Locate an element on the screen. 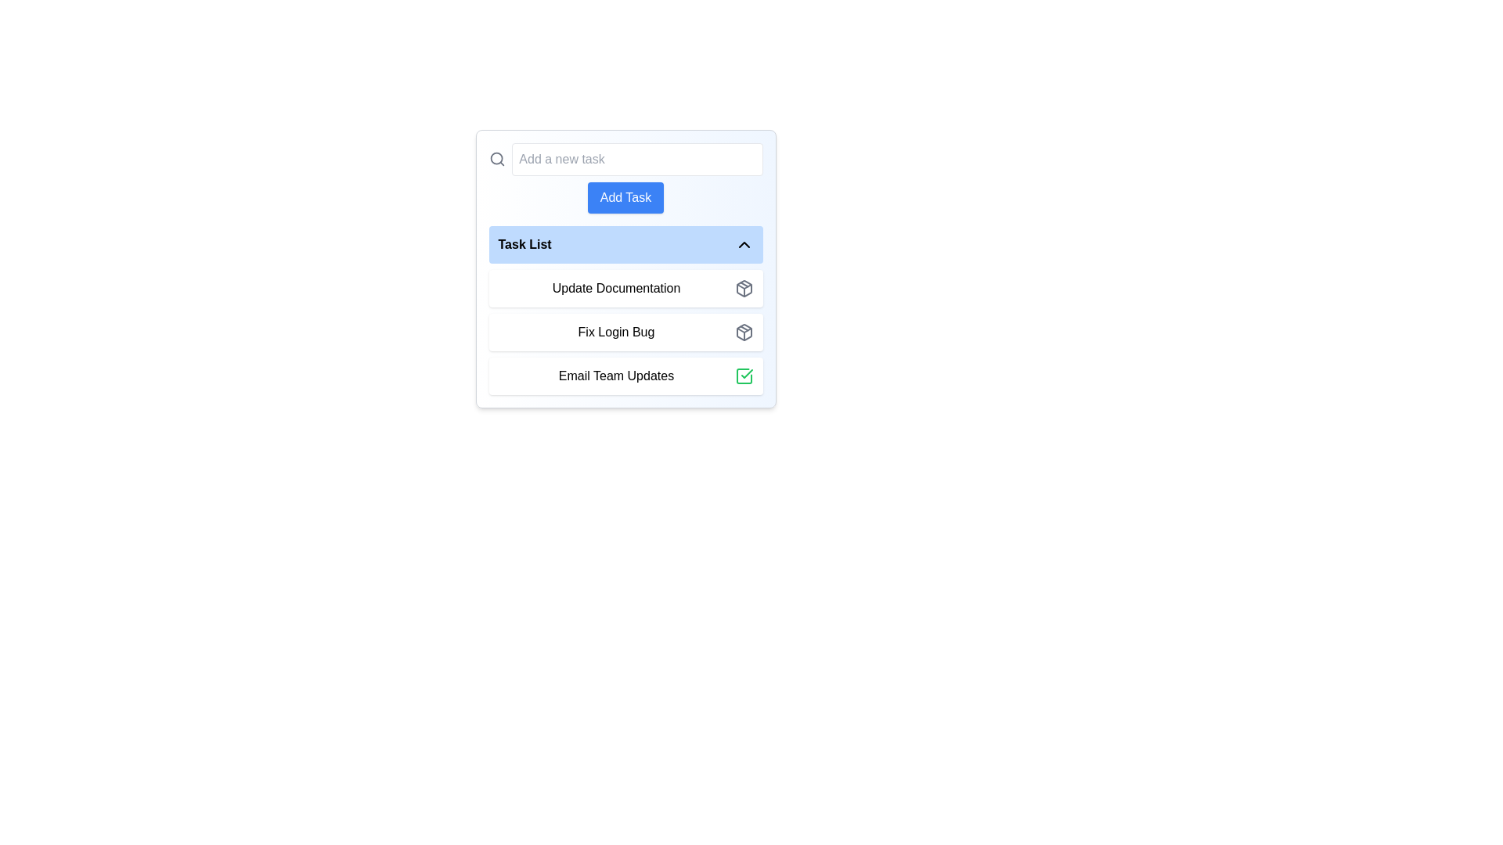  the 'Fix Login Bug' task text element within the task management interface is located at coordinates (615, 331).